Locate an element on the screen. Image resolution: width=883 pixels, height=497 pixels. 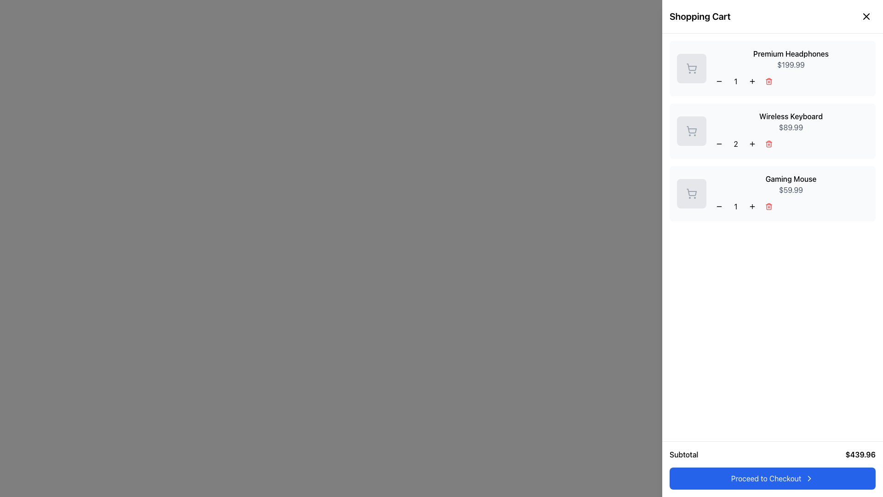
the button that decreases the quantity of the associated product in the shopping cart, located to the left of the numeric count '2' is located at coordinates (719, 144).